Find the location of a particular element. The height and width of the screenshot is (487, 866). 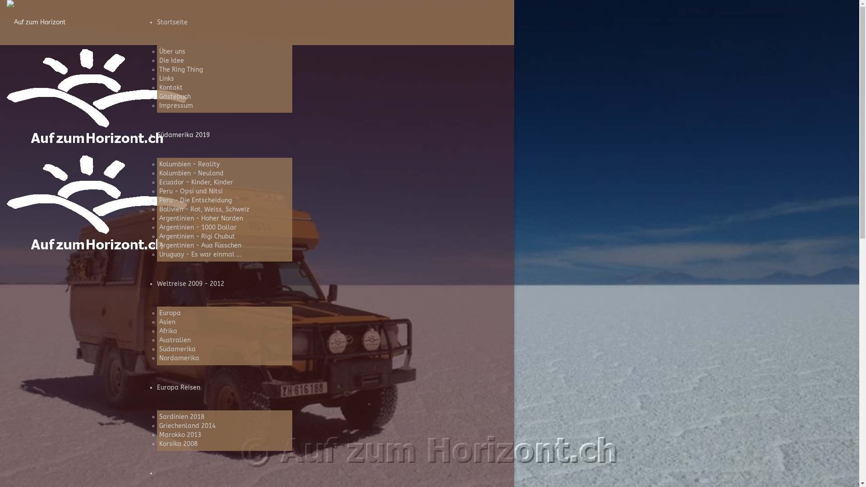

'Nordamerika' is located at coordinates (179, 358).